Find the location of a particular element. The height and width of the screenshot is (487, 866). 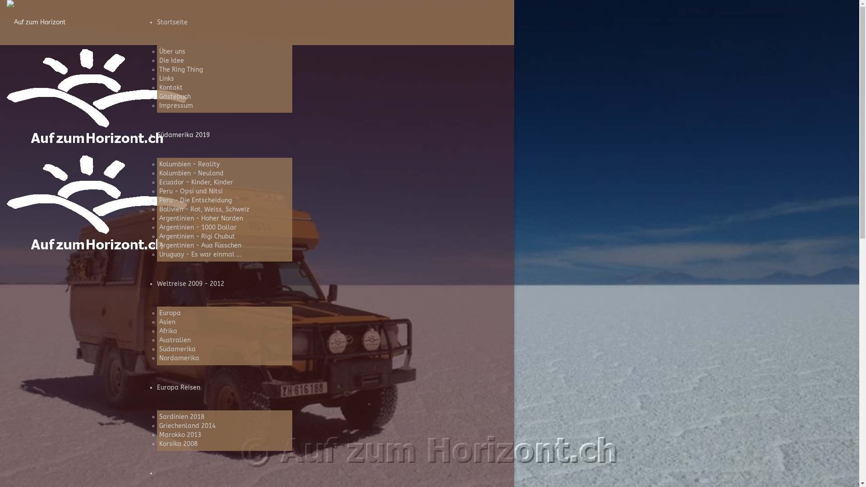

'Nordamerika' is located at coordinates (179, 358).